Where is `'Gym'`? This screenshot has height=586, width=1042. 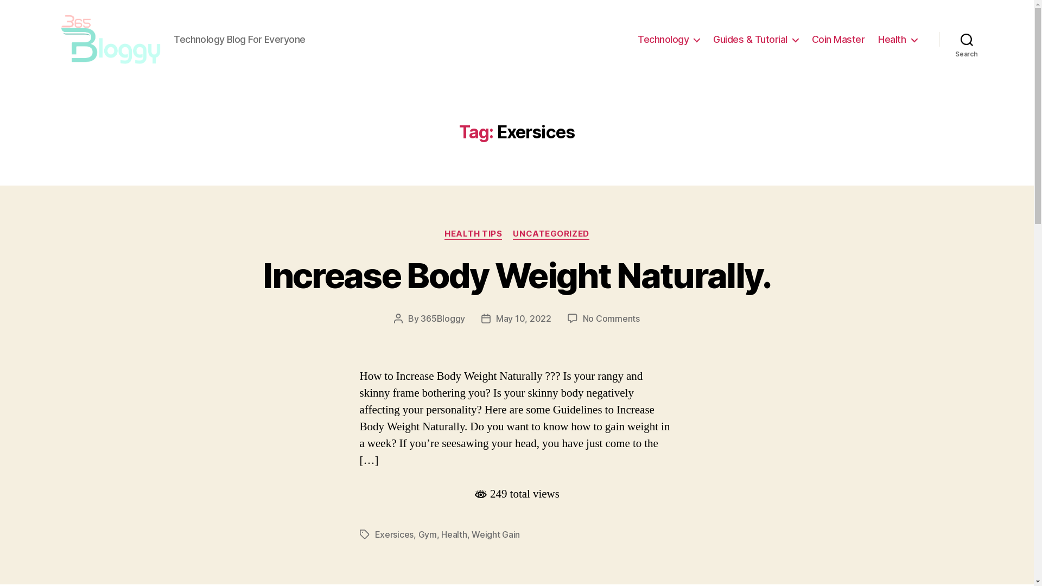 'Gym' is located at coordinates (427, 533).